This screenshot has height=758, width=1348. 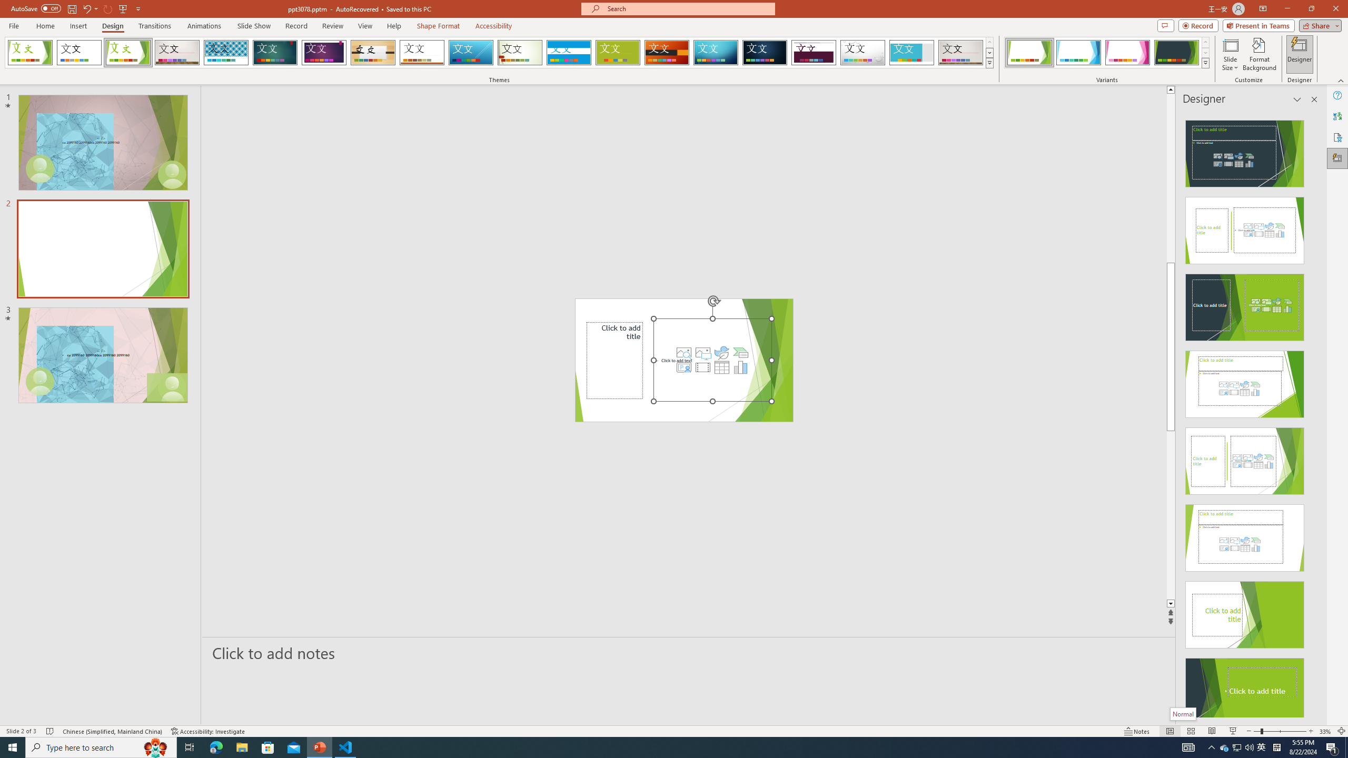 What do you see at coordinates (712, 360) in the screenshot?
I see `'Content Placeholder'` at bounding box center [712, 360].